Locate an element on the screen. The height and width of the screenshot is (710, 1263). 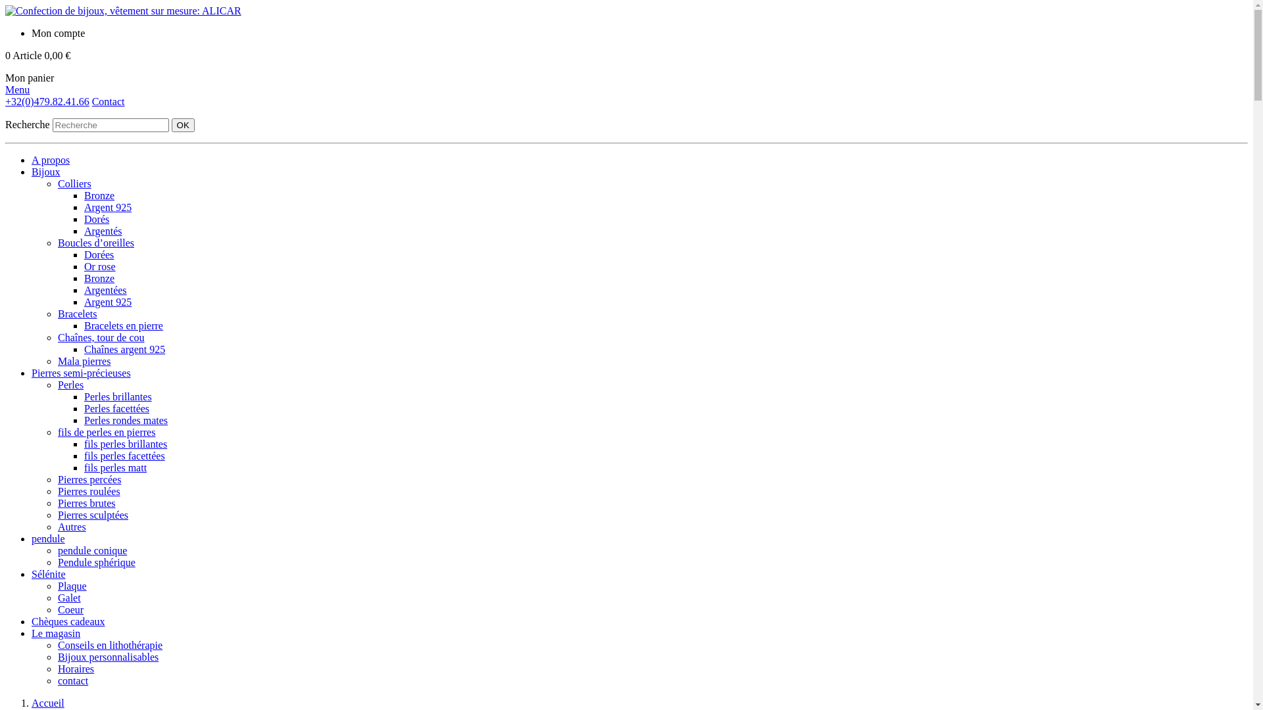
'Argent 925' is located at coordinates (107, 207).